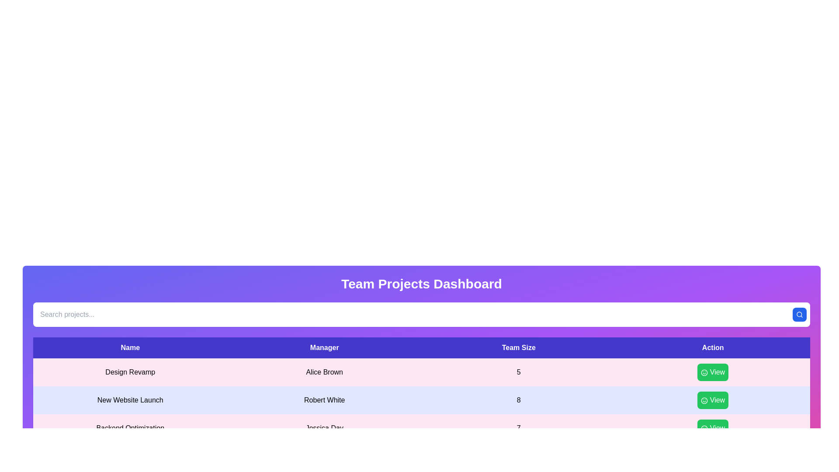 The height and width of the screenshot is (472, 839). What do you see at coordinates (799, 315) in the screenshot?
I see `the search trigger button located at the upper-right corner of the search bar` at bounding box center [799, 315].